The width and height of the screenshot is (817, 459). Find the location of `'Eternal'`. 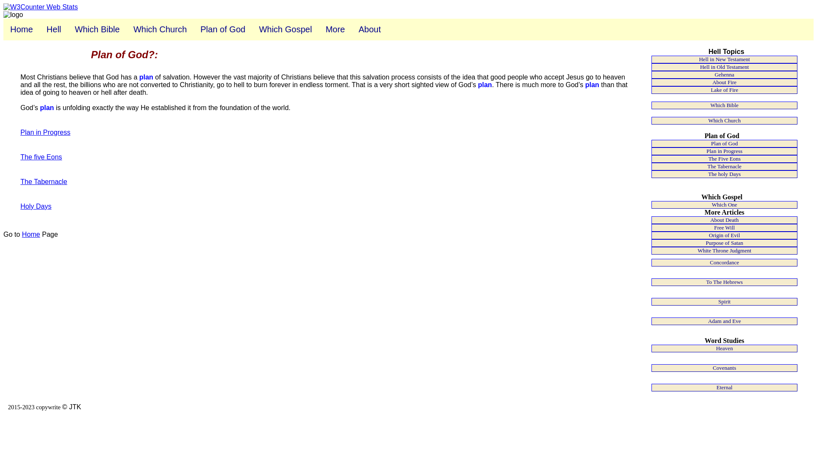

'Eternal' is located at coordinates (724, 387).